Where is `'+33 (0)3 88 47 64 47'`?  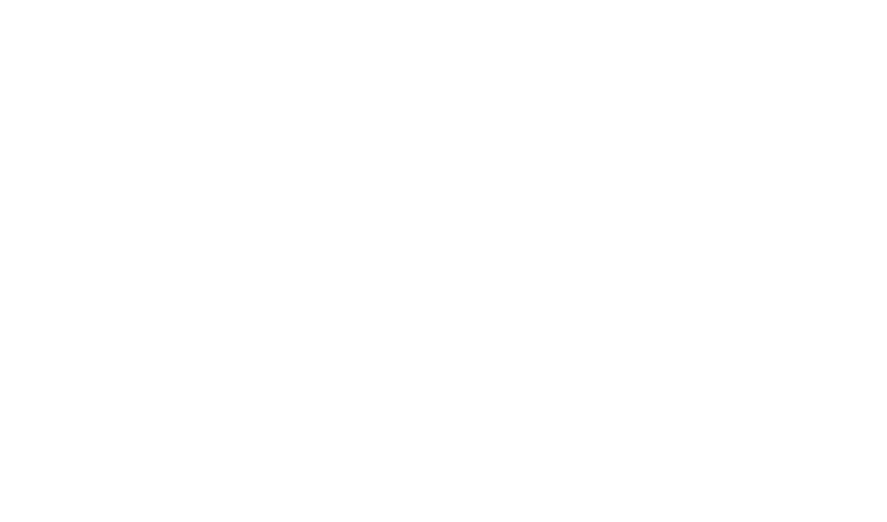 '+33 (0)3 88 47 64 47' is located at coordinates (491, 496).